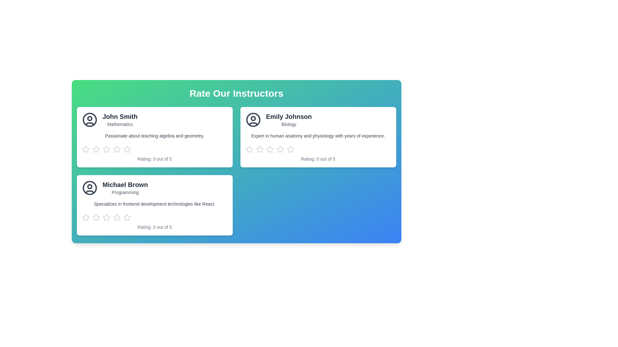 This screenshot has height=347, width=618. I want to click on the second star icon in the rating row for instructor John Smith, so click(127, 149).